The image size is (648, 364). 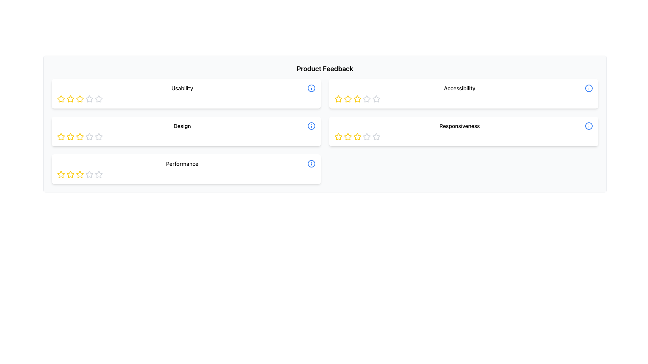 What do you see at coordinates (89, 136) in the screenshot?
I see `the third star-shaped icon representing the rating component in the Design feedback category to rate it` at bounding box center [89, 136].